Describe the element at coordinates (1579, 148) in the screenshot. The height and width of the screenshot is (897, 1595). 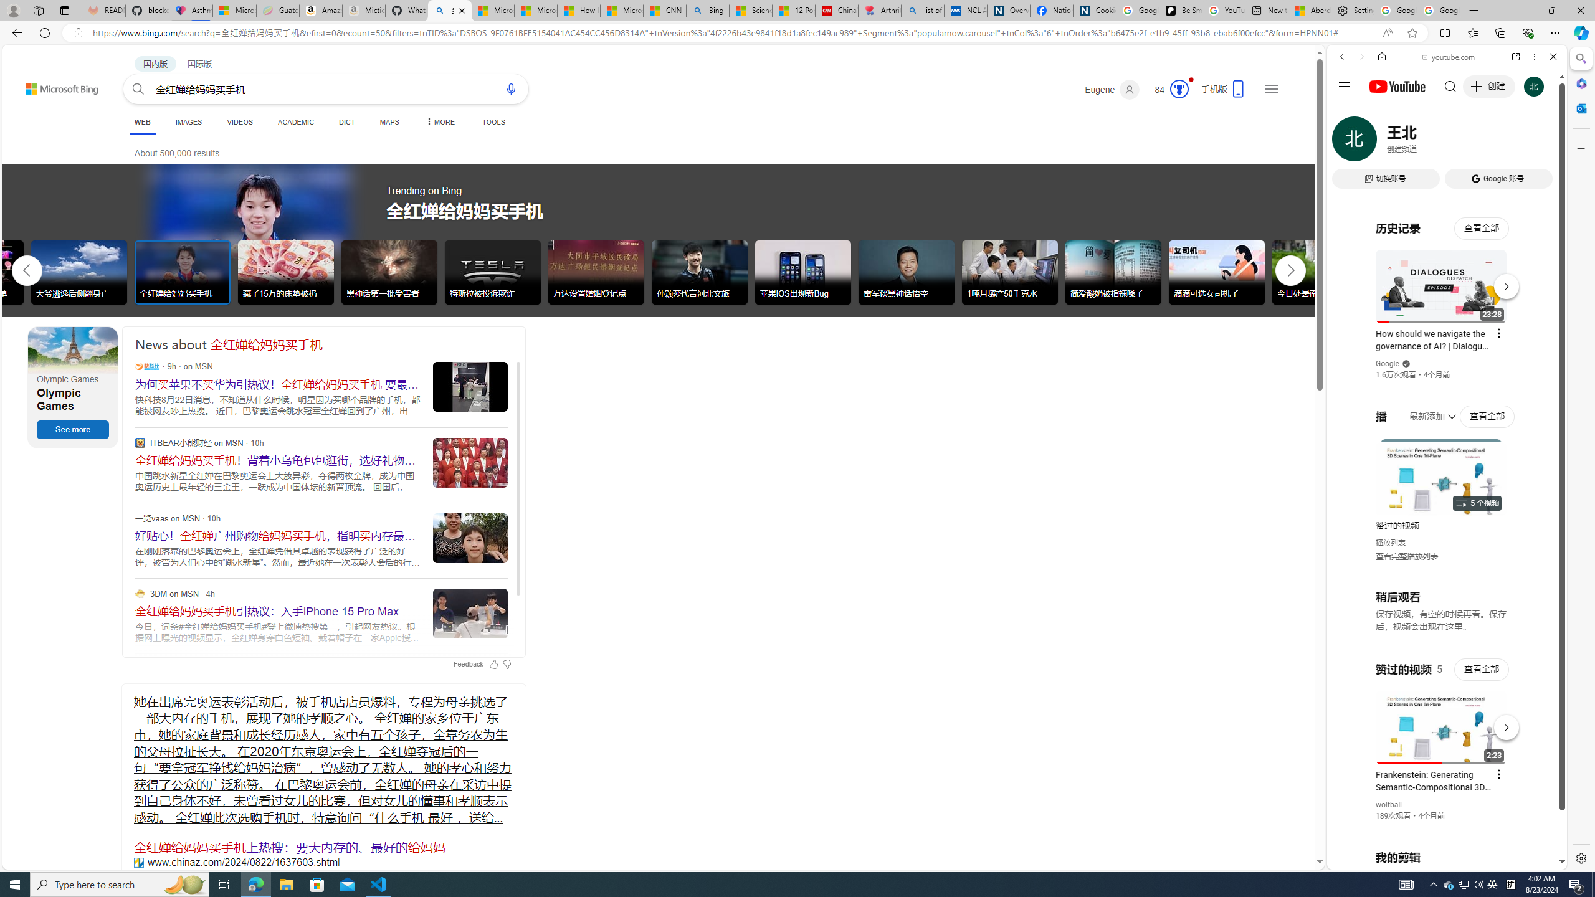
I see `'Close Customize pane'` at that location.